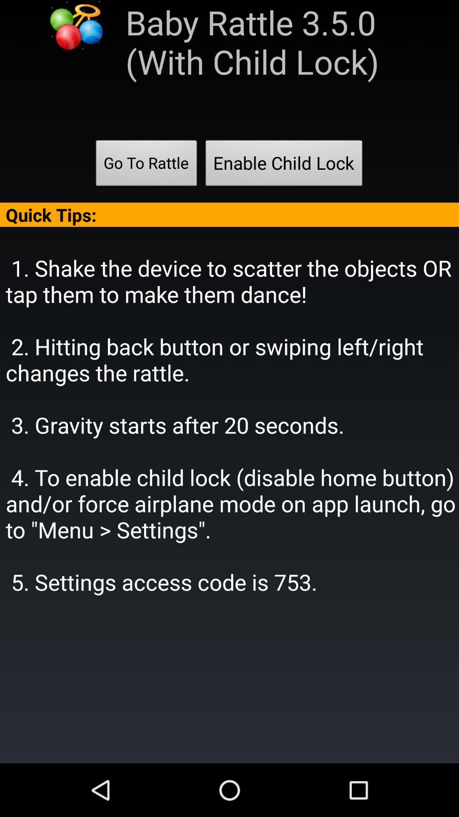  What do you see at coordinates (146, 166) in the screenshot?
I see `the go to rattle item` at bounding box center [146, 166].